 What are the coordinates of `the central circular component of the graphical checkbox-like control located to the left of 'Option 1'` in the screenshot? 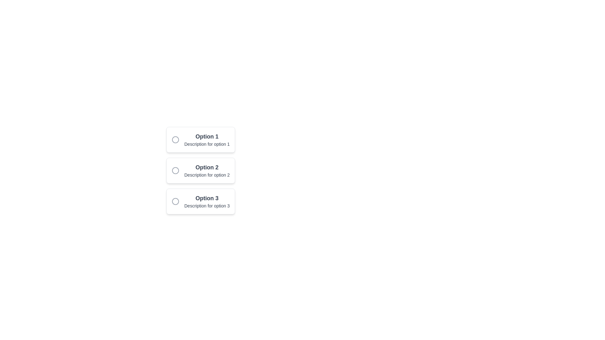 It's located at (175, 139).